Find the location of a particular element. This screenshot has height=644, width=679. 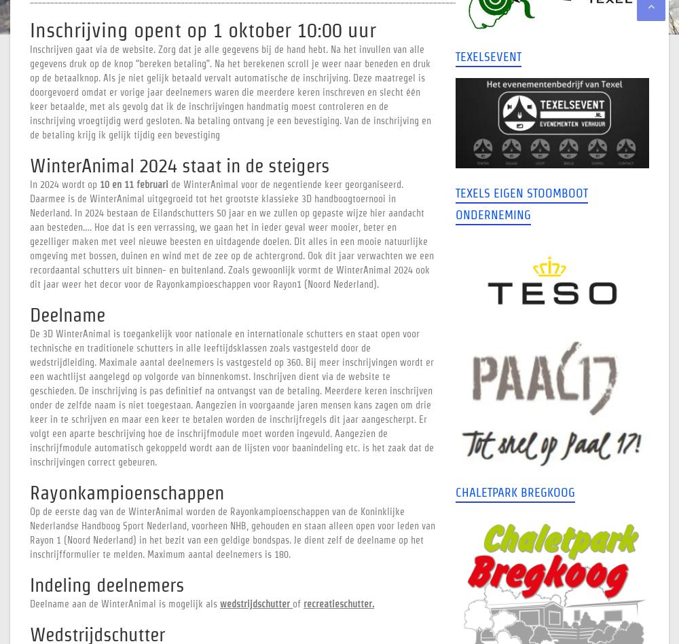

'De 3D WinterAnimal is toegankelijk voor nationale en internationale schutters en staat open voor technische en traditionele schutters in alle leeftijdsklassen zoals vastgesteld door de wedstrijdleiding. Maximale aantal deelnemers is vastgesteld op 360. Bij meer inschrijvingen wordt er een wachtlijst aangelegd op volgorde van binnenkomst. Inschrijven dient via de website te geschieden. De inschrijving is pas definitief na ontvangst van de betaling. Meerdere keren inschrijven onder de zelfde naam is niet toegestaan. Aangezien in voorgaande  jaren mensen kans zagen om drie keer in te schrijven en maar een keer te betalen worden de inschrijfregels dit jaar aangescherpt. Er volgt een aparte beschrijving hoe de inschrijfmodule moet worden ingevuld. Aangezien de inschrijfmodule automatisch gekoppeld wordt aan de lijsten voor baanindeling etc. is het zaak dat de inschrijvingen correct gebeuren.' is located at coordinates (30, 397).